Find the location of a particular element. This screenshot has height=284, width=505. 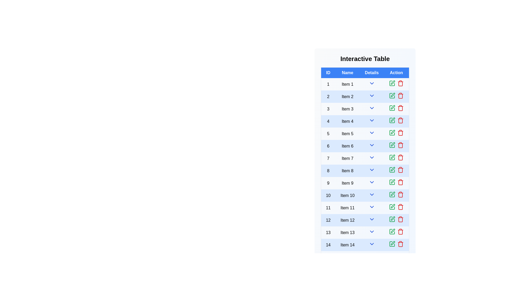

the header of the column Action to sort the rows by that column is located at coordinates (396, 73).